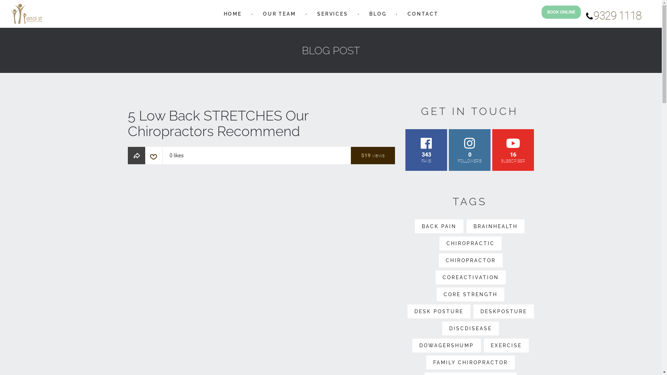 The height and width of the screenshot is (375, 667). I want to click on 'DESK POSTURE', so click(407, 311).